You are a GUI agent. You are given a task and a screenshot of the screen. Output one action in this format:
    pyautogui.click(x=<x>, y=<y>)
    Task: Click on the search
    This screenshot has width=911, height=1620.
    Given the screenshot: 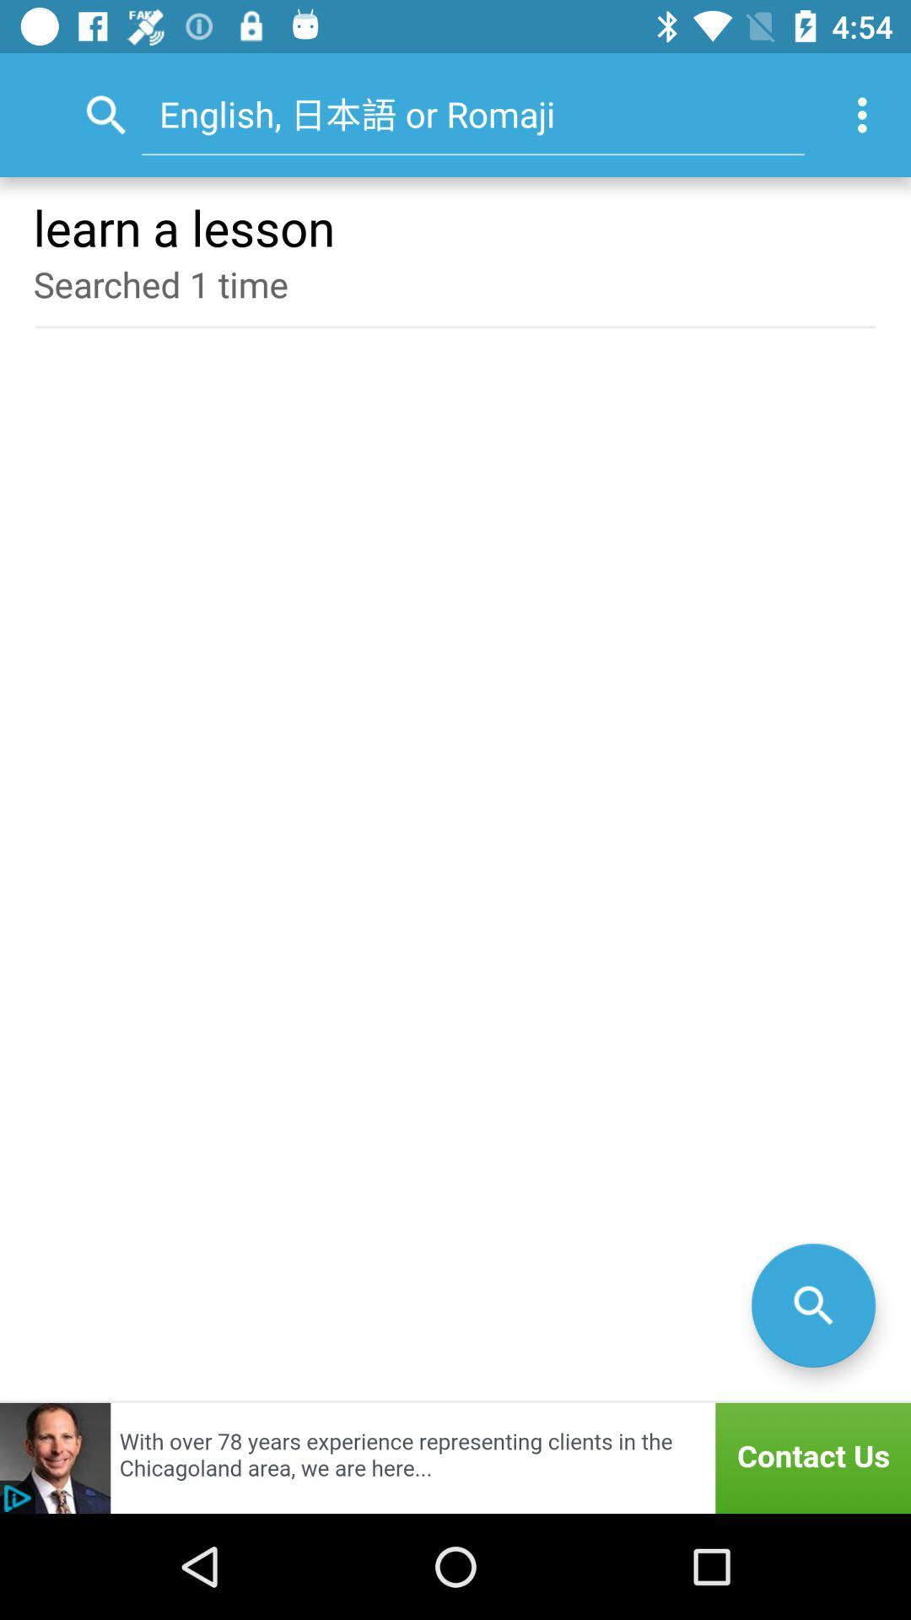 What is the action you would take?
    pyautogui.click(x=812, y=1304)
    